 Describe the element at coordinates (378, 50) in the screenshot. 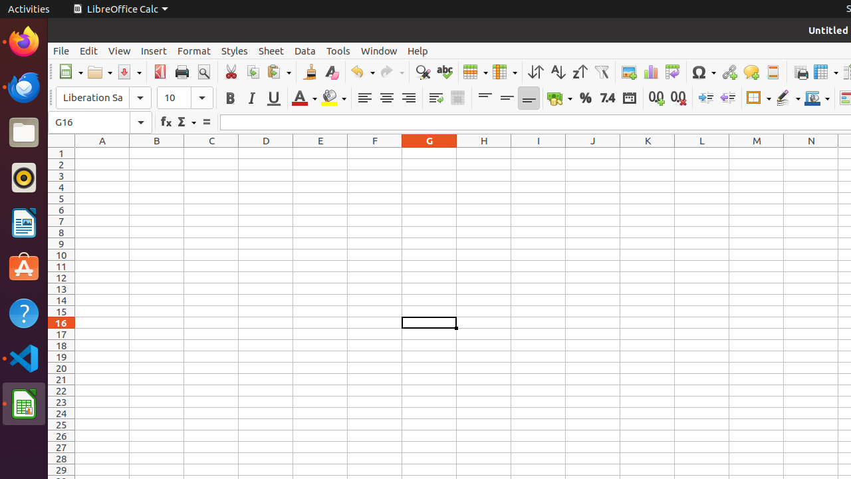

I see `'Window'` at that location.